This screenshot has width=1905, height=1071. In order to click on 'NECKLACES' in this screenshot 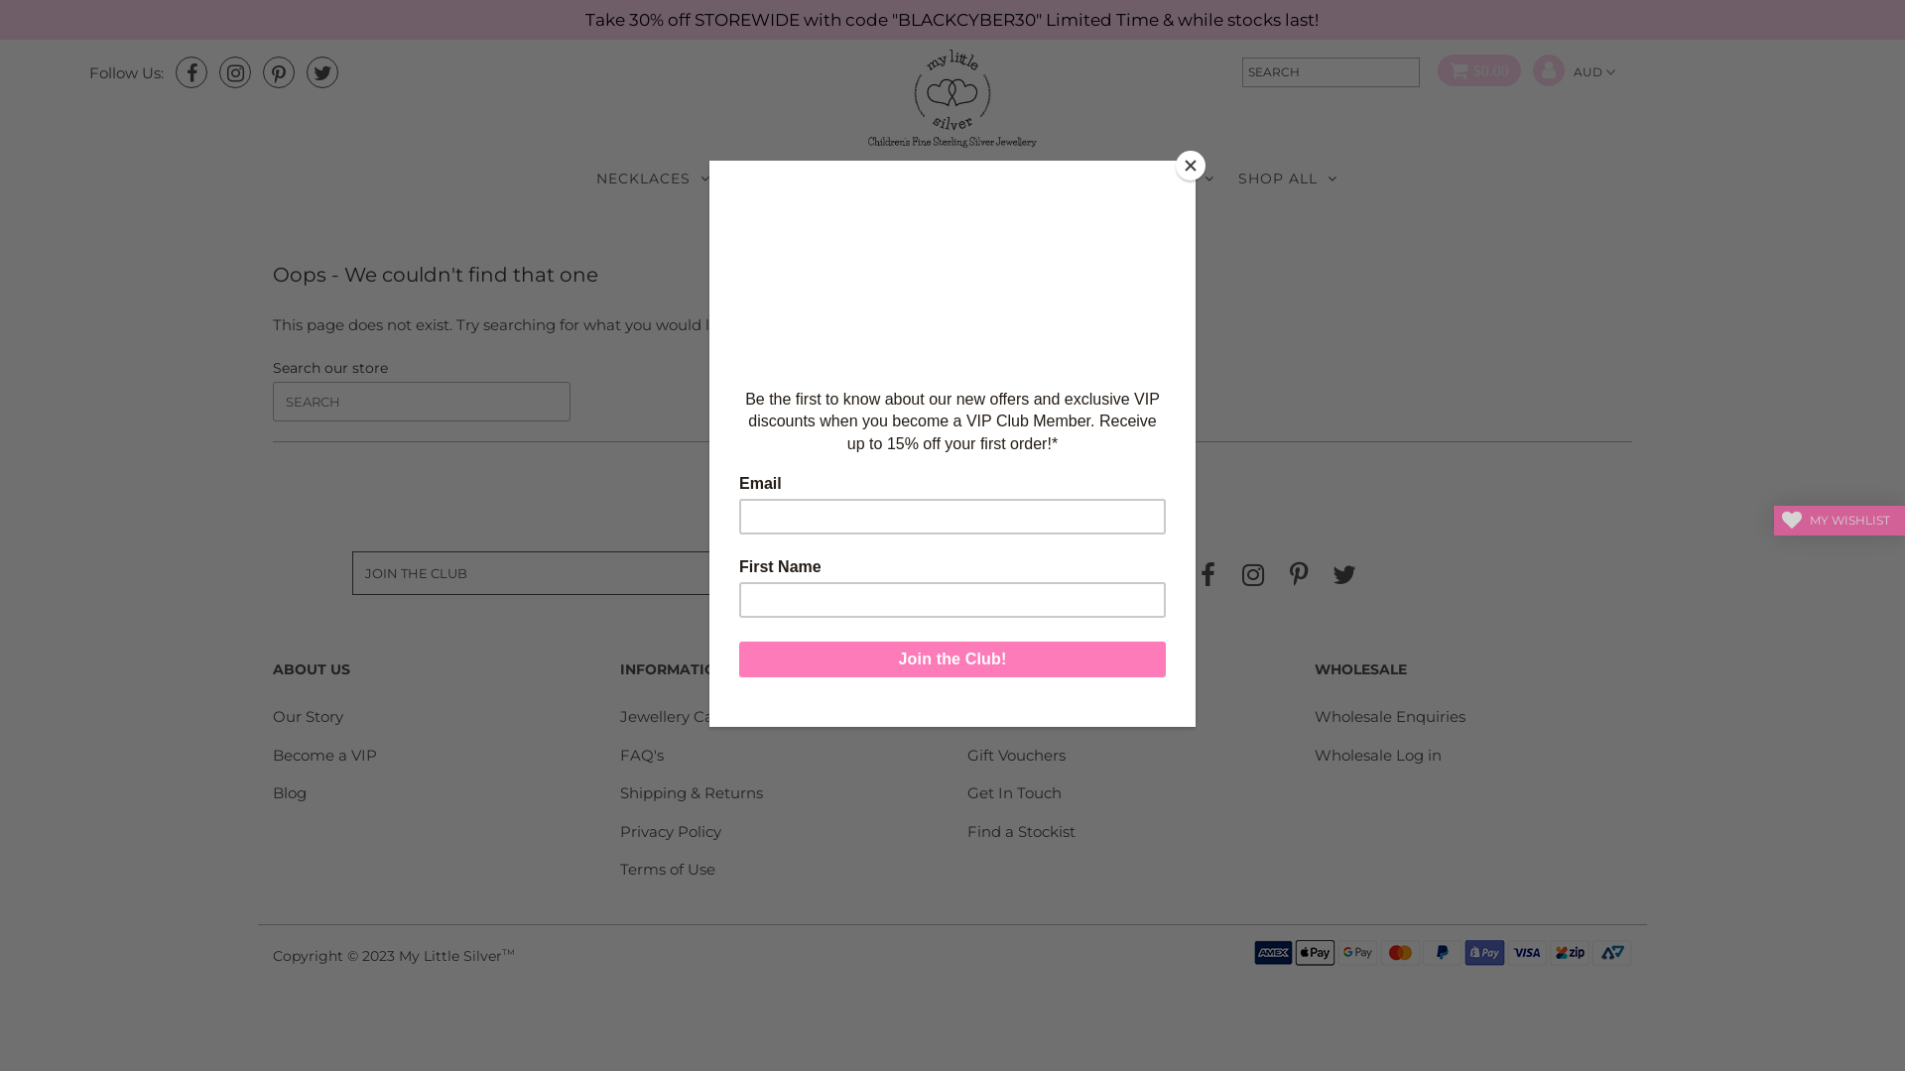, I will do `click(653, 178)`.